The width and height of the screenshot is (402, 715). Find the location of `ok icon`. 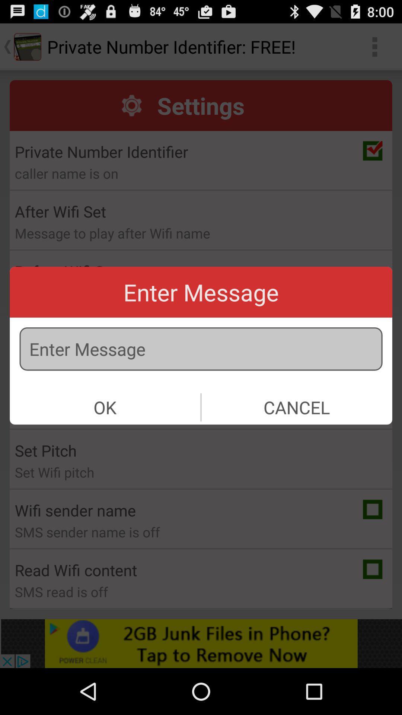

ok icon is located at coordinates (105, 407).